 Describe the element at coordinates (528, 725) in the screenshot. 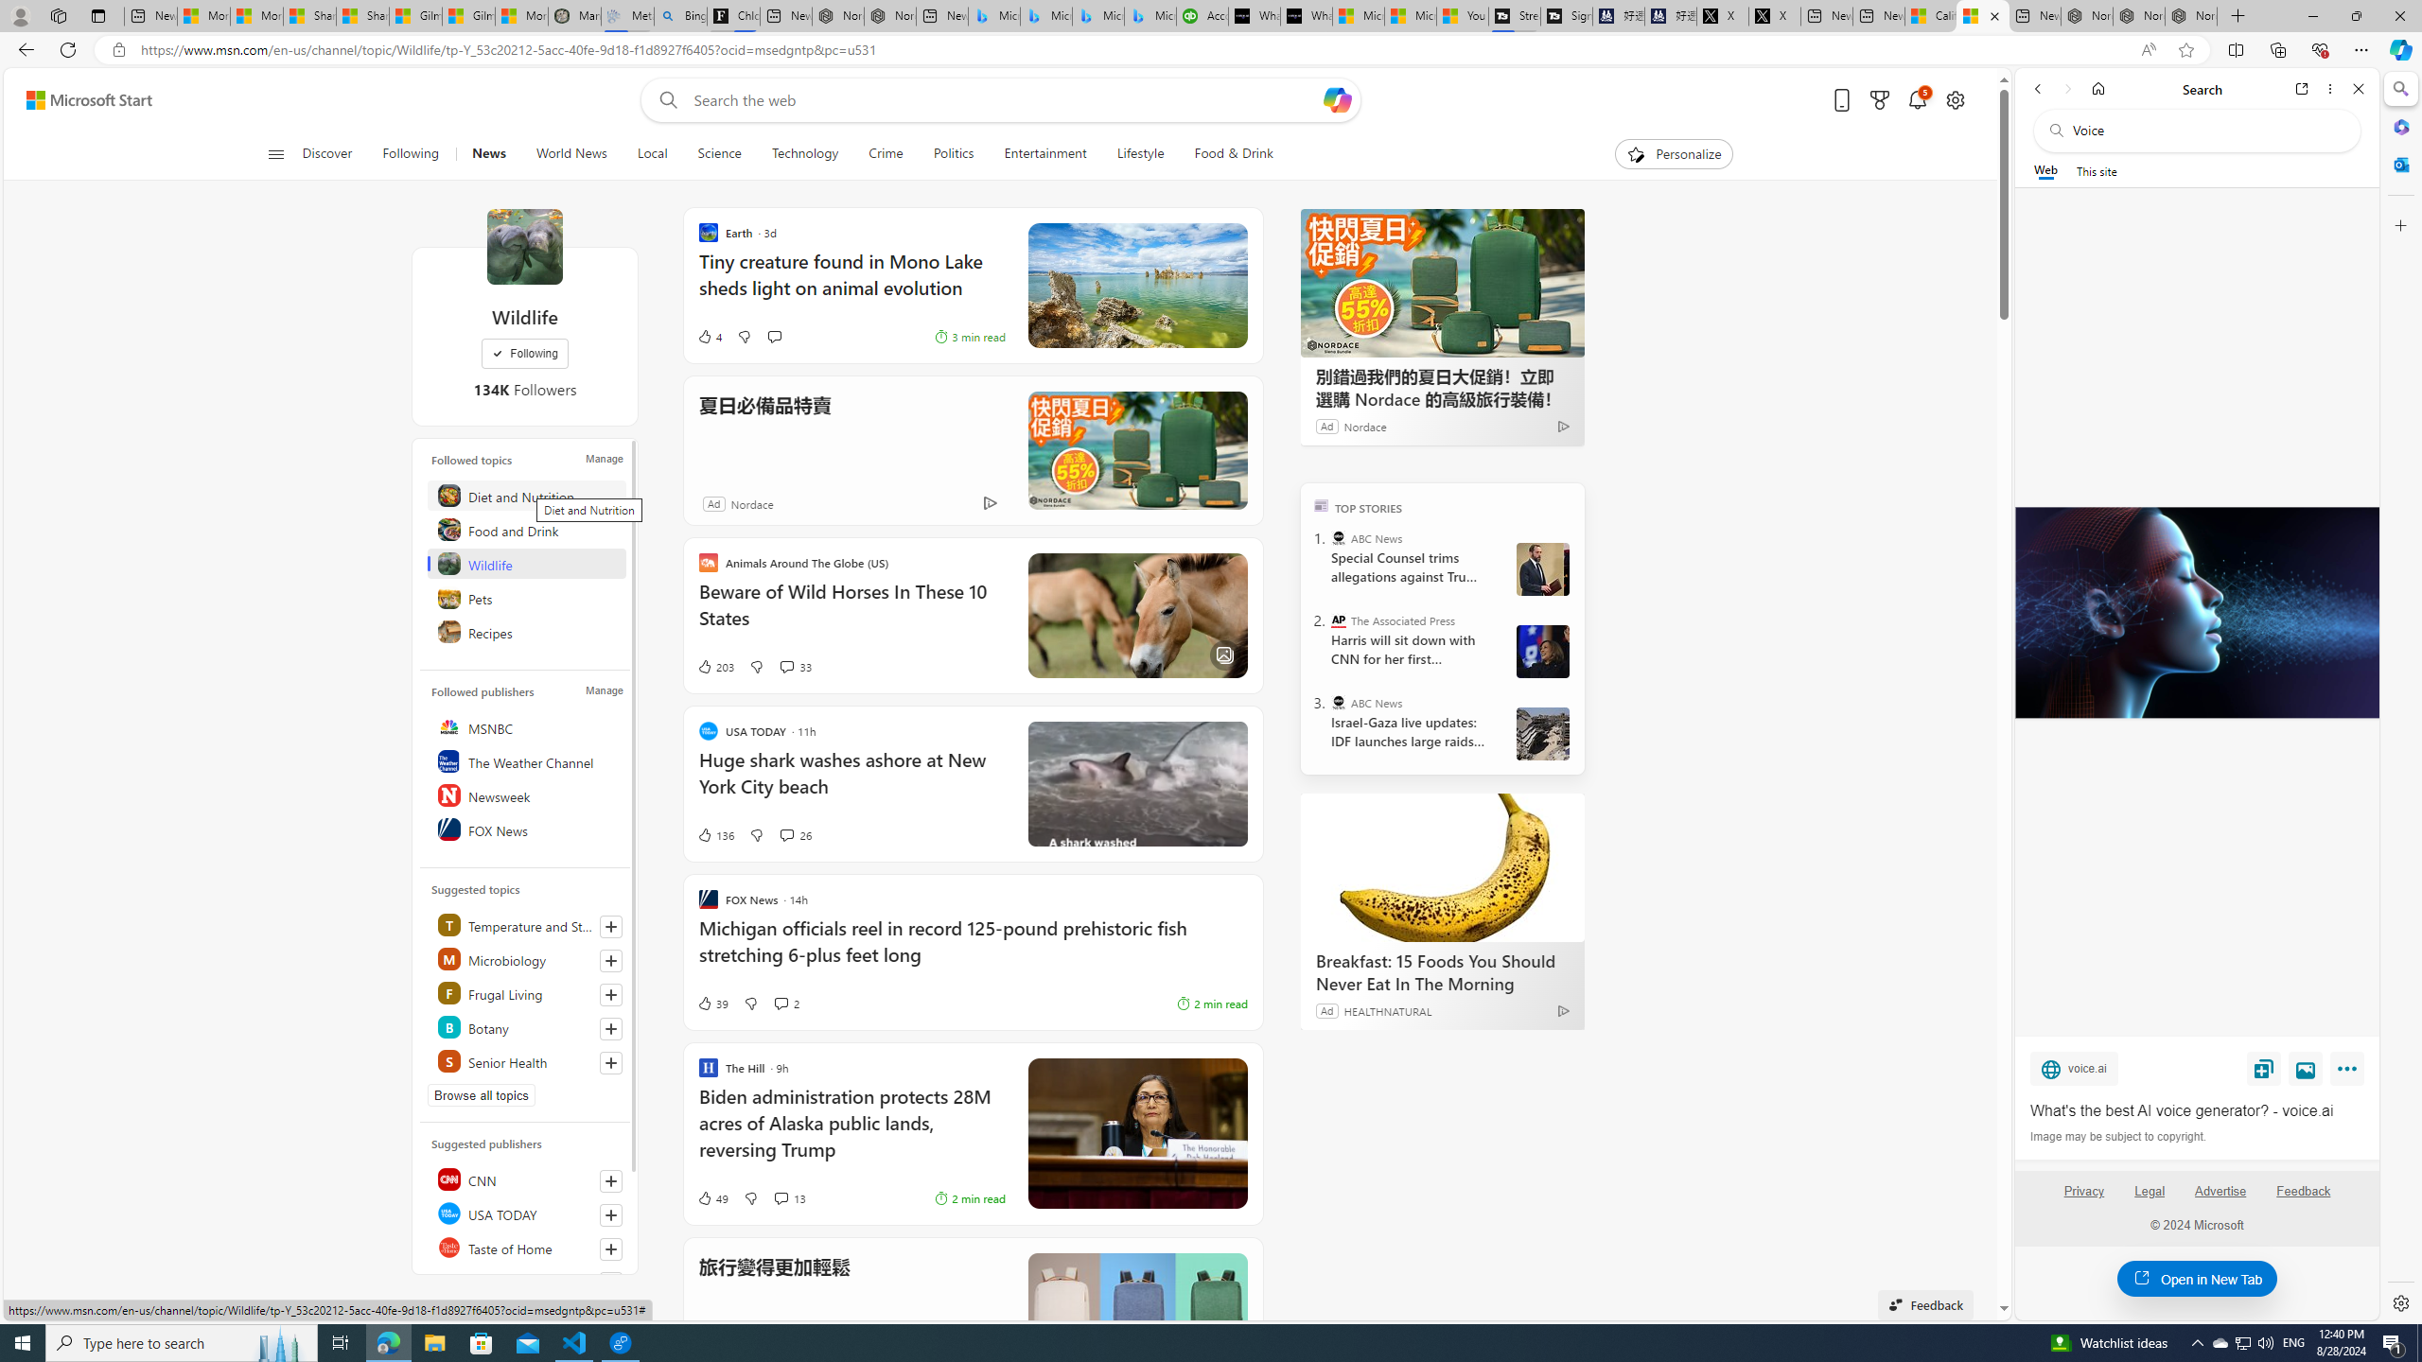

I see `'MSNBC'` at that location.